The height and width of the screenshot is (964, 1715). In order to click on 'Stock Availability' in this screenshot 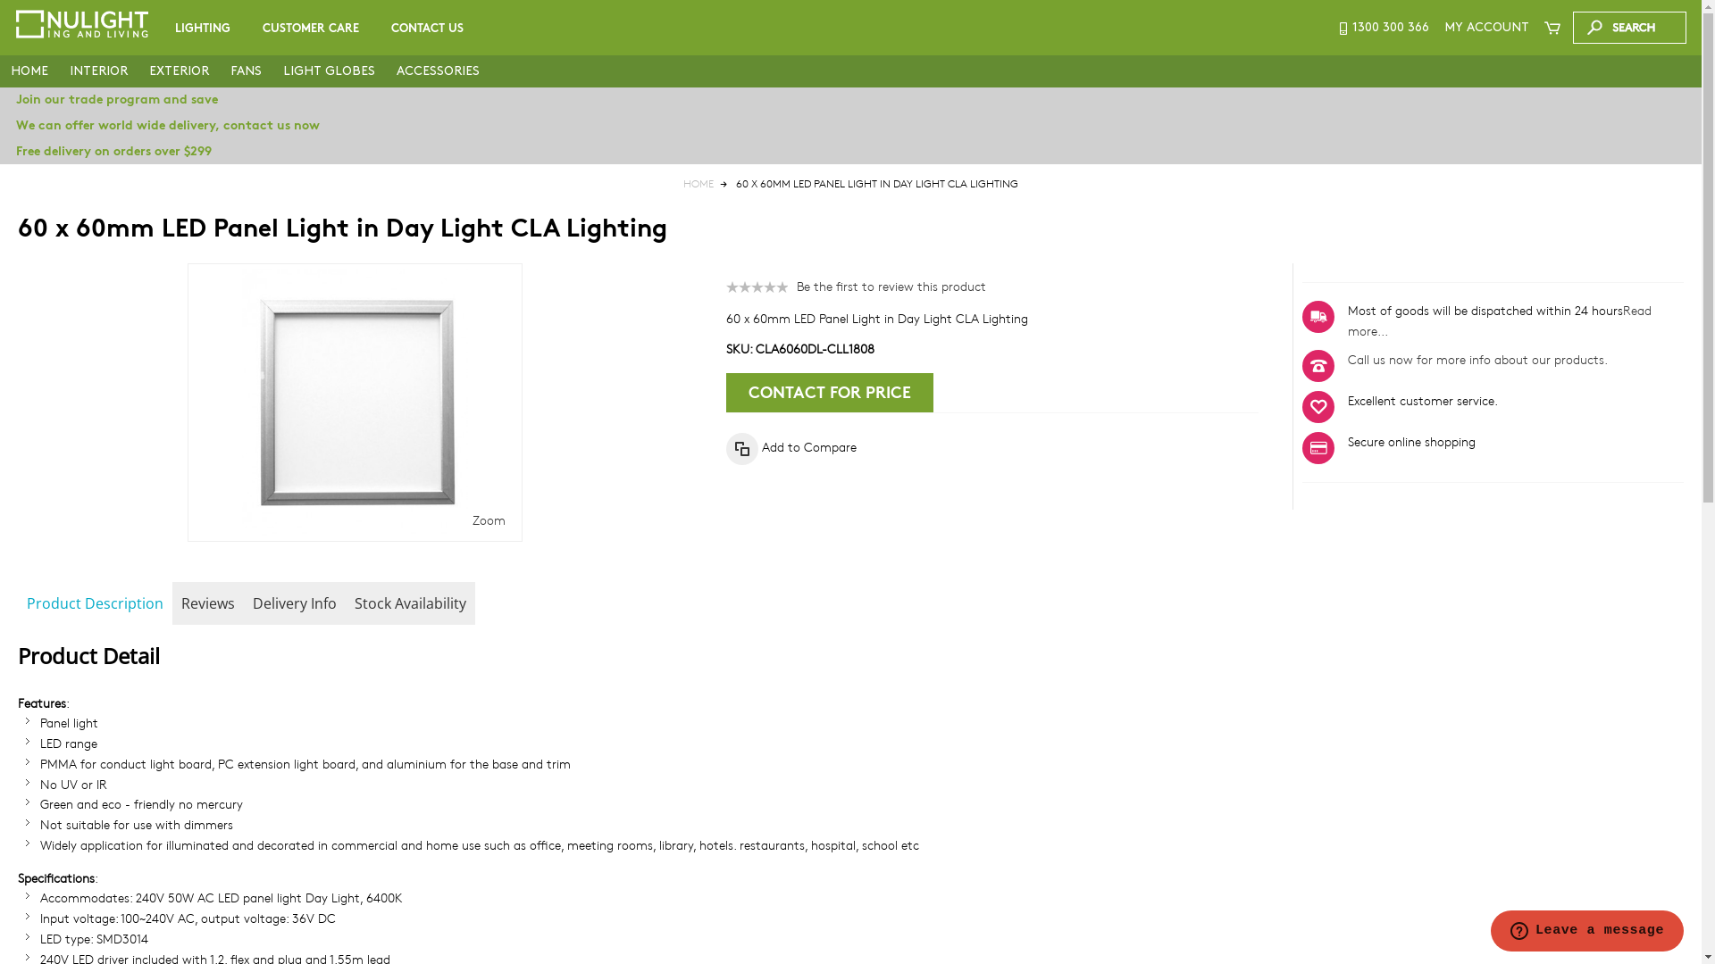, I will do `click(409, 602)`.